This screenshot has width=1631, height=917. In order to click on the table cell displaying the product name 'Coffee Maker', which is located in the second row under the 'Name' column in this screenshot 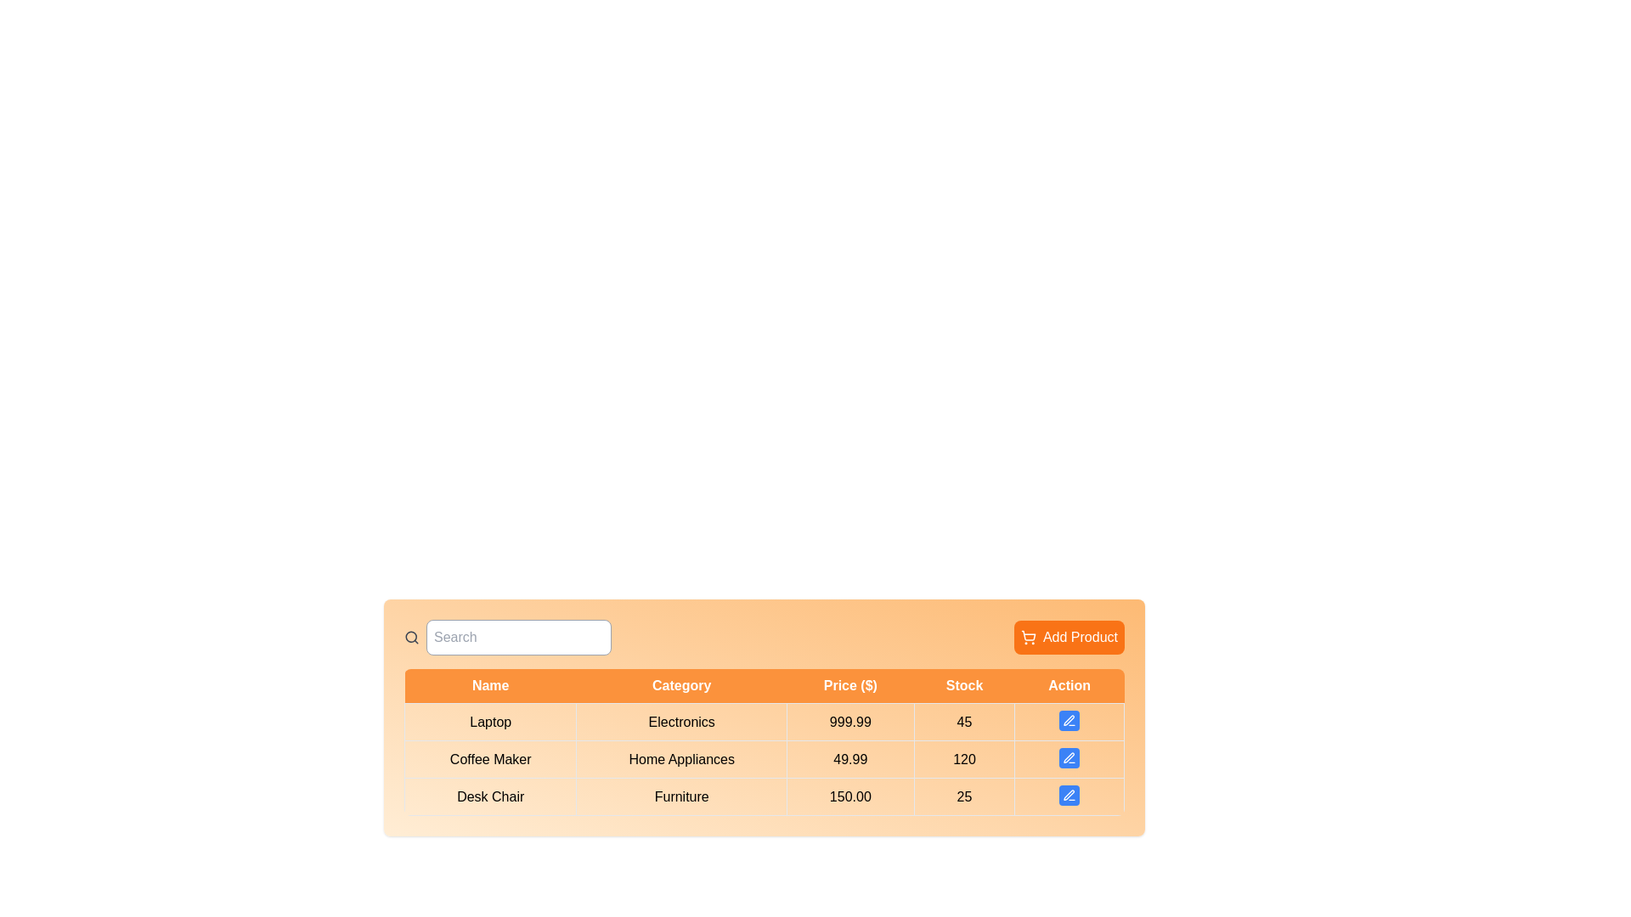, I will do `click(489, 758)`.